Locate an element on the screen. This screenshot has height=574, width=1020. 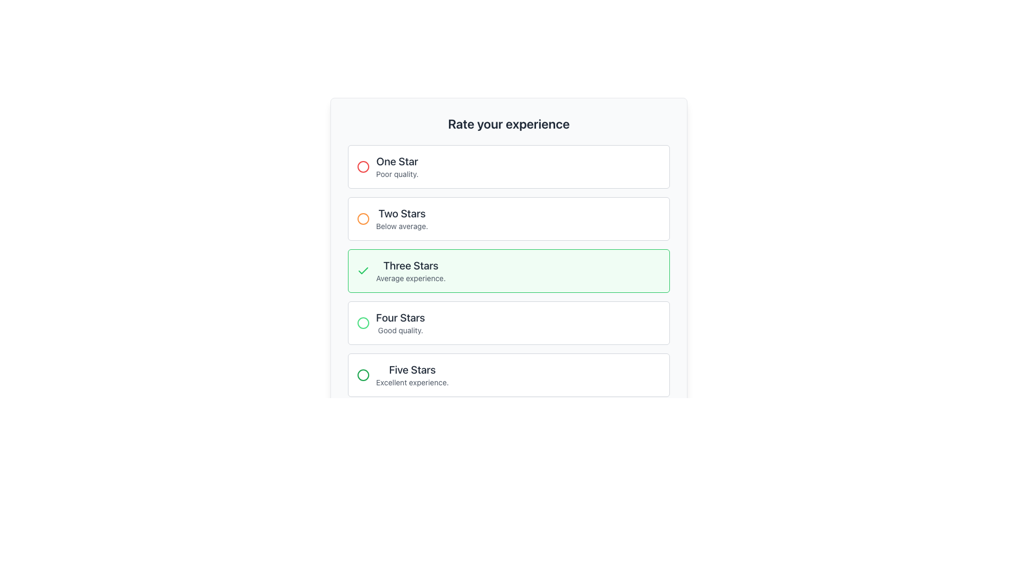
textual content of the third selectable option in the rating list, which indicates a 'Three Stars' rating with the label 'Average experience.' is located at coordinates (410, 270).